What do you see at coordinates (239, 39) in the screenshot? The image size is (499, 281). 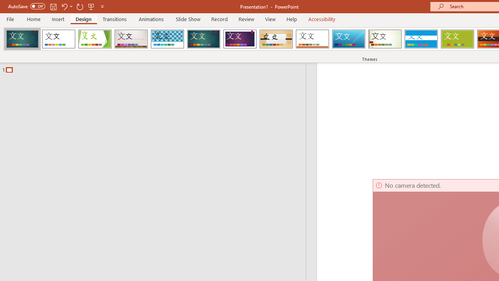 I see `'Ion Boardroom'` at bounding box center [239, 39].